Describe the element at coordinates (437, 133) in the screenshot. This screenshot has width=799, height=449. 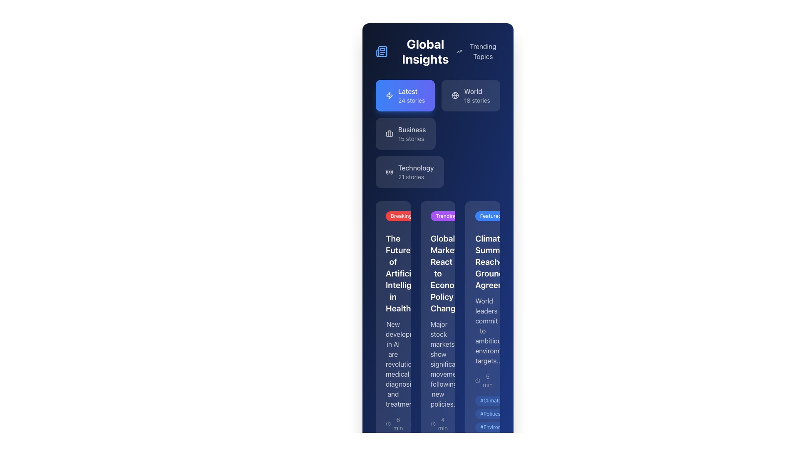
I see `the interactive card within the 'Global Insights' section` at that location.